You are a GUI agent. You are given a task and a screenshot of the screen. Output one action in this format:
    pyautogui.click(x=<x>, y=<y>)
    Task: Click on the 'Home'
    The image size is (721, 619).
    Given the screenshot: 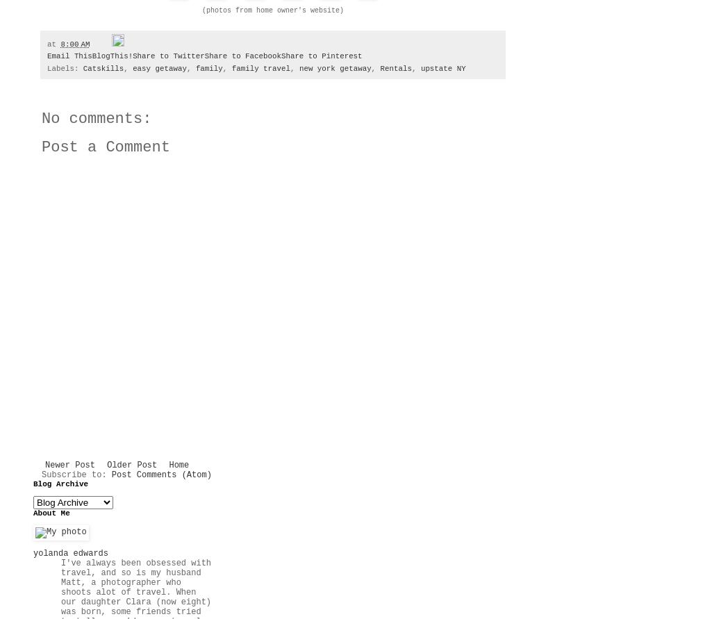 What is the action you would take?
    pyautogui.click(x=167, y=465)
    